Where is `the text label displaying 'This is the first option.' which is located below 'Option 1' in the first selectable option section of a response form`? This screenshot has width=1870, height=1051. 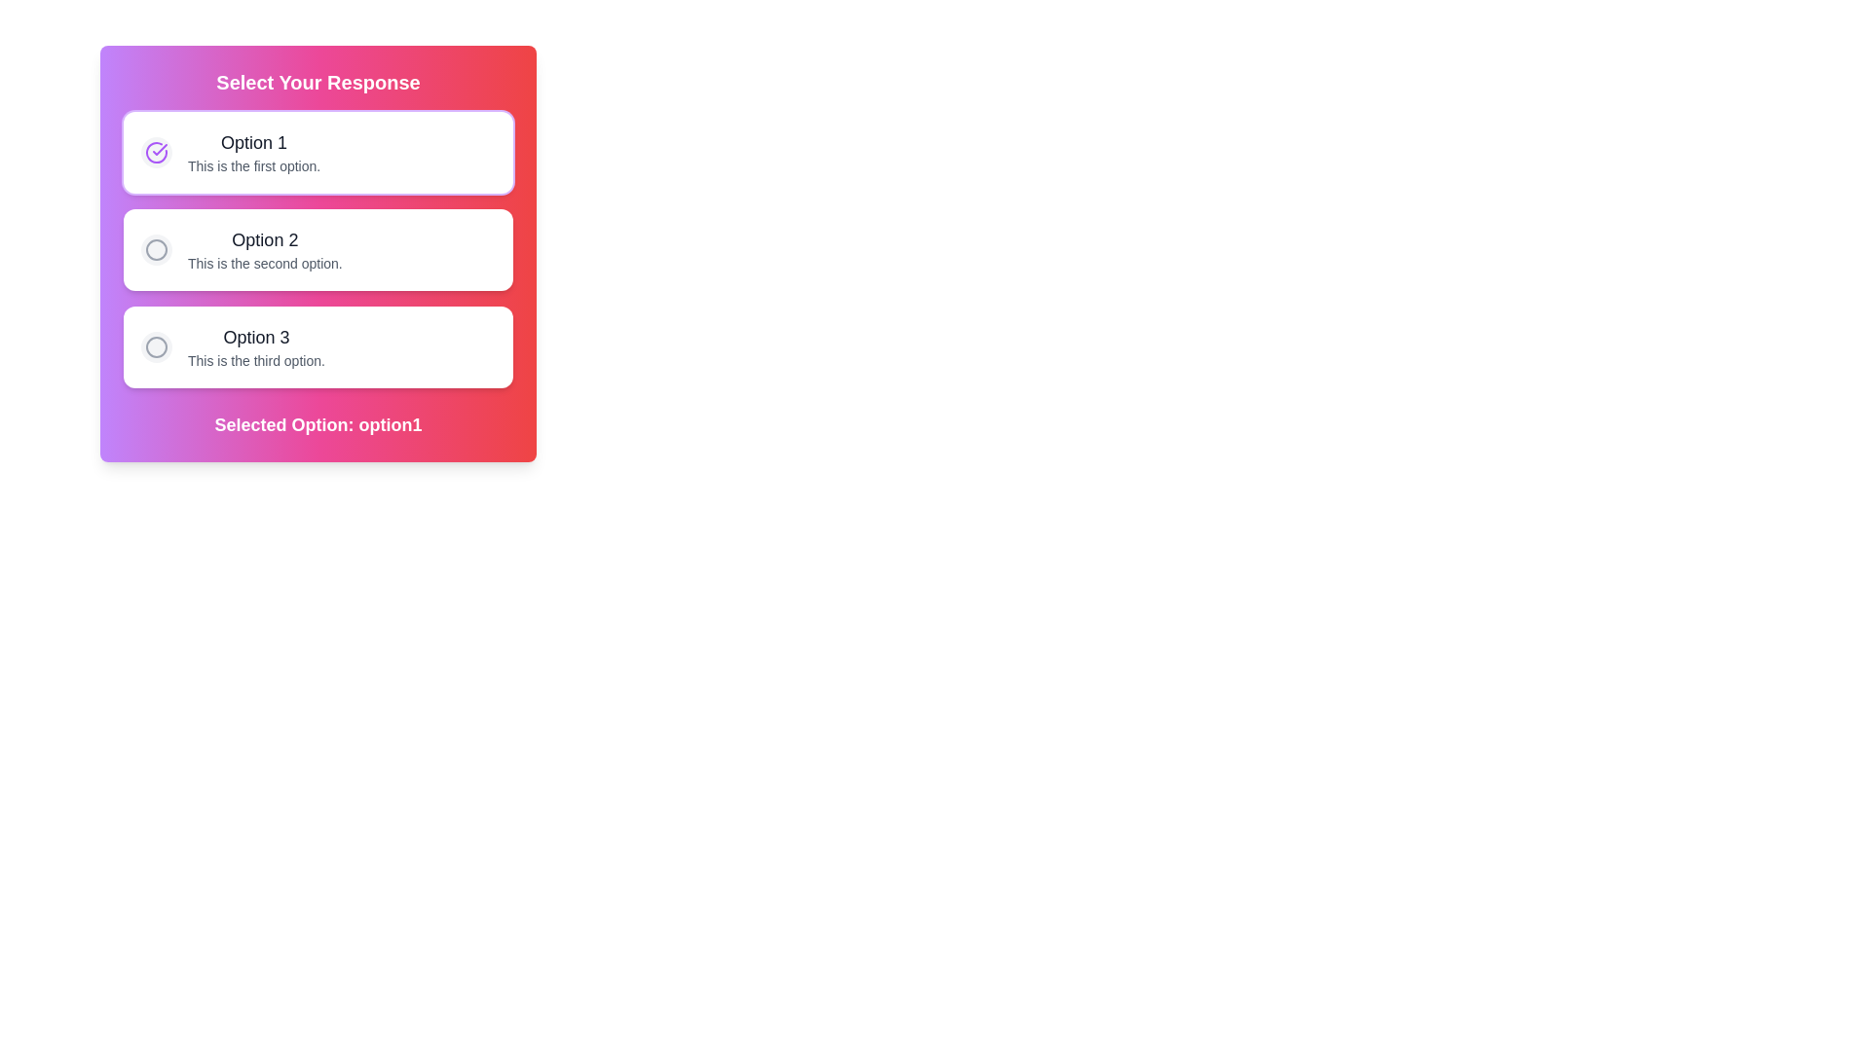 the text label displaying 'This is the first option.' which is located below 'Option 1' in the first selectable option section of a response form is located at coordinates (253, 164).